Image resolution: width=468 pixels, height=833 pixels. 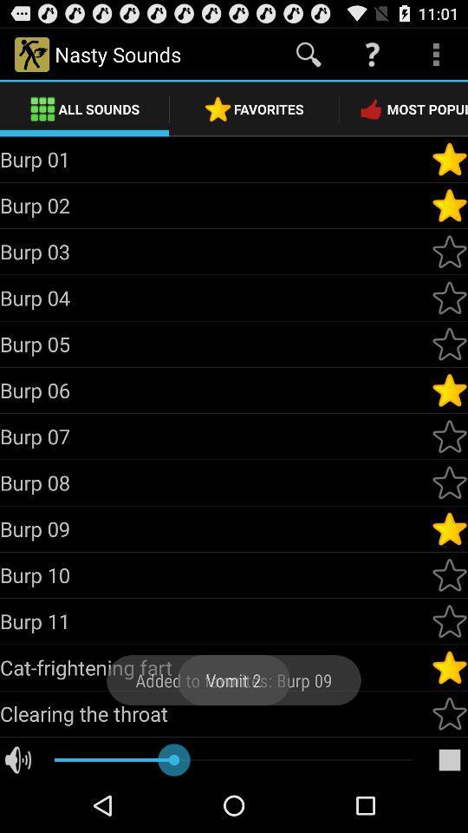 I want to click on mark as a favorite, so click(x=449, y=713).